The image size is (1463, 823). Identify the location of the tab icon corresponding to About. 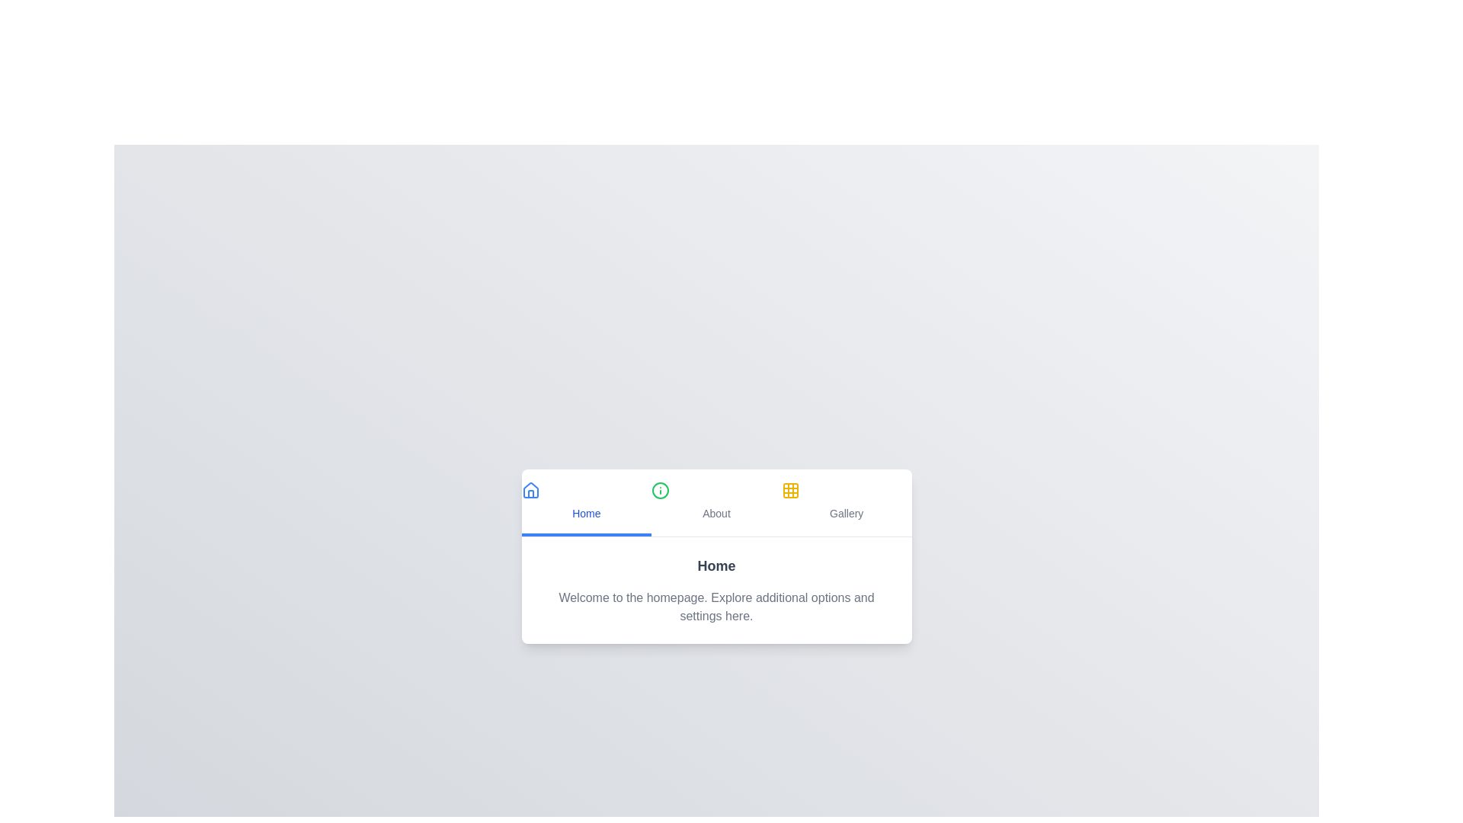
(661, 490).